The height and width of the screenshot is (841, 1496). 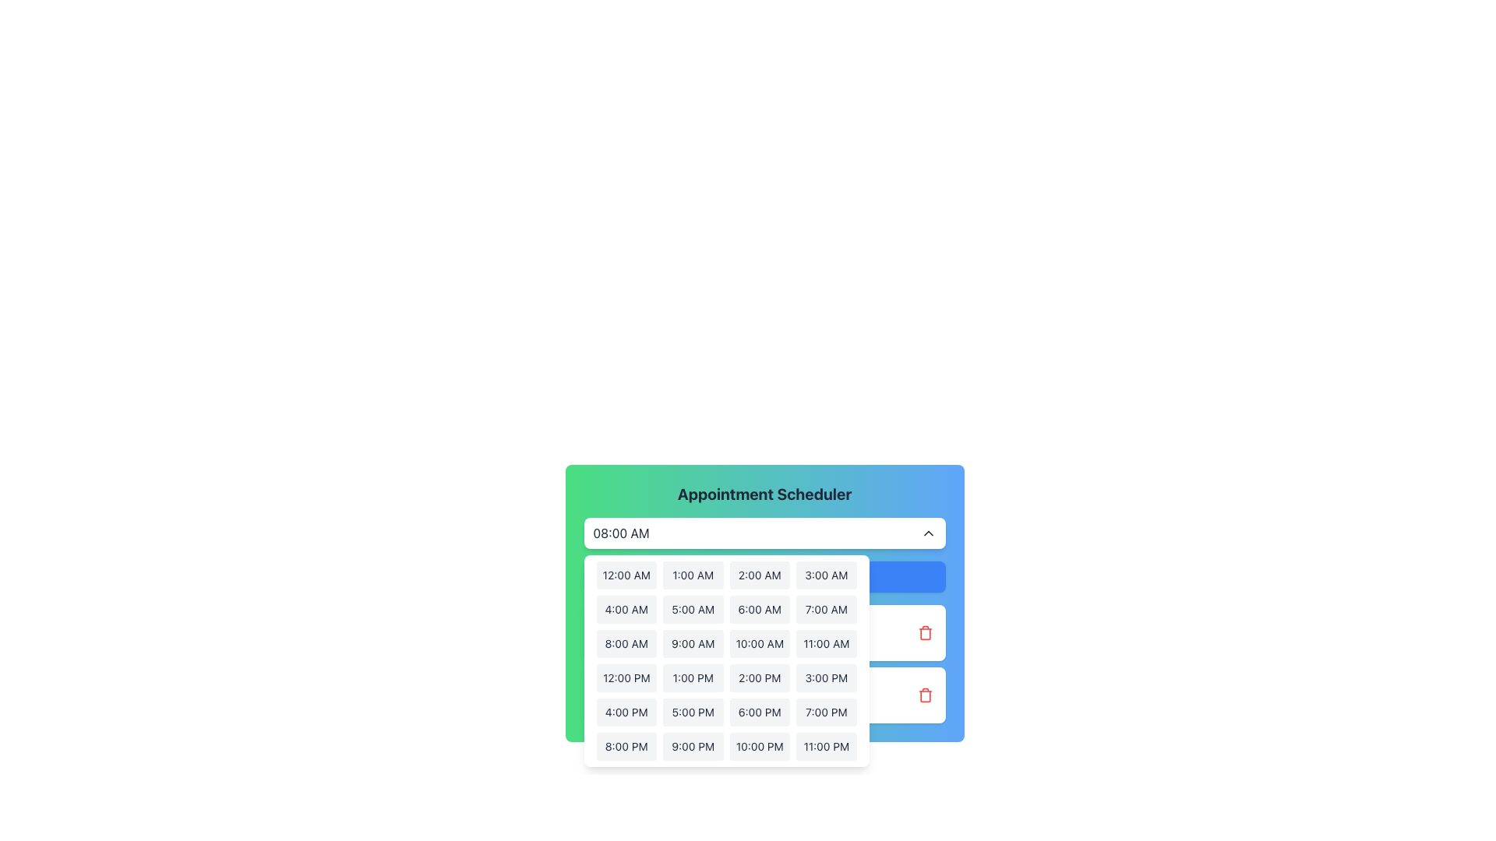 What do you see at coordinates (692, 643) in the screenshot?
I see `the '9:00 AM' time slot button in the appointment scheduler` at bounding box center [692, 643].